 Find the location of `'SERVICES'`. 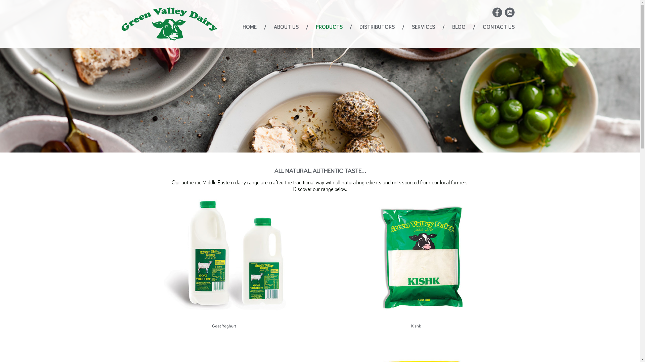

'SERVICES' is located at coordinates (423, 27).